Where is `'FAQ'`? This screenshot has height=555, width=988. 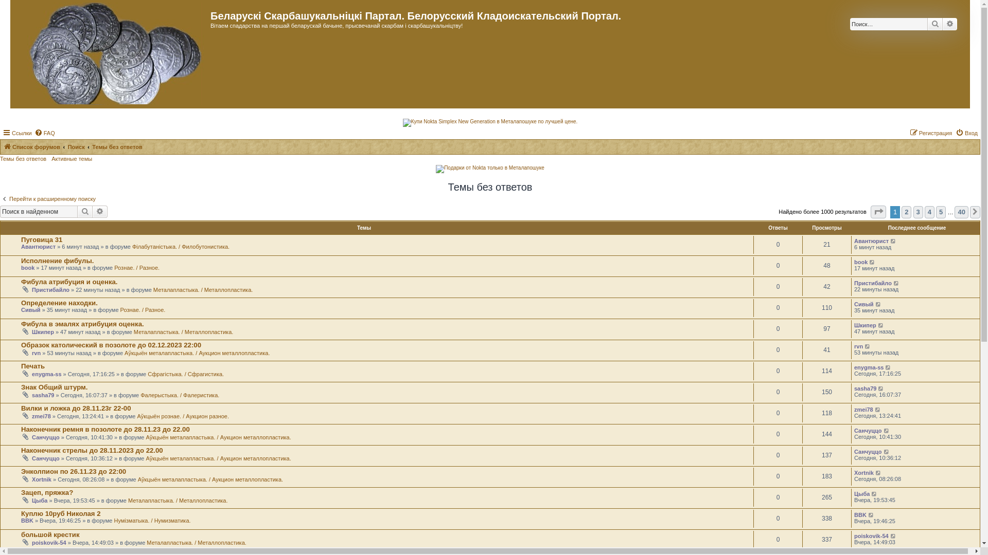 'FAQ' is located at coordinates (34, 132).